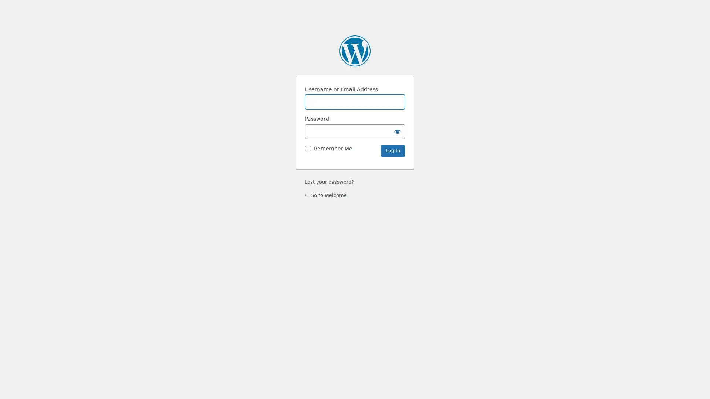  I want to click on Show password, so click(397, 131).